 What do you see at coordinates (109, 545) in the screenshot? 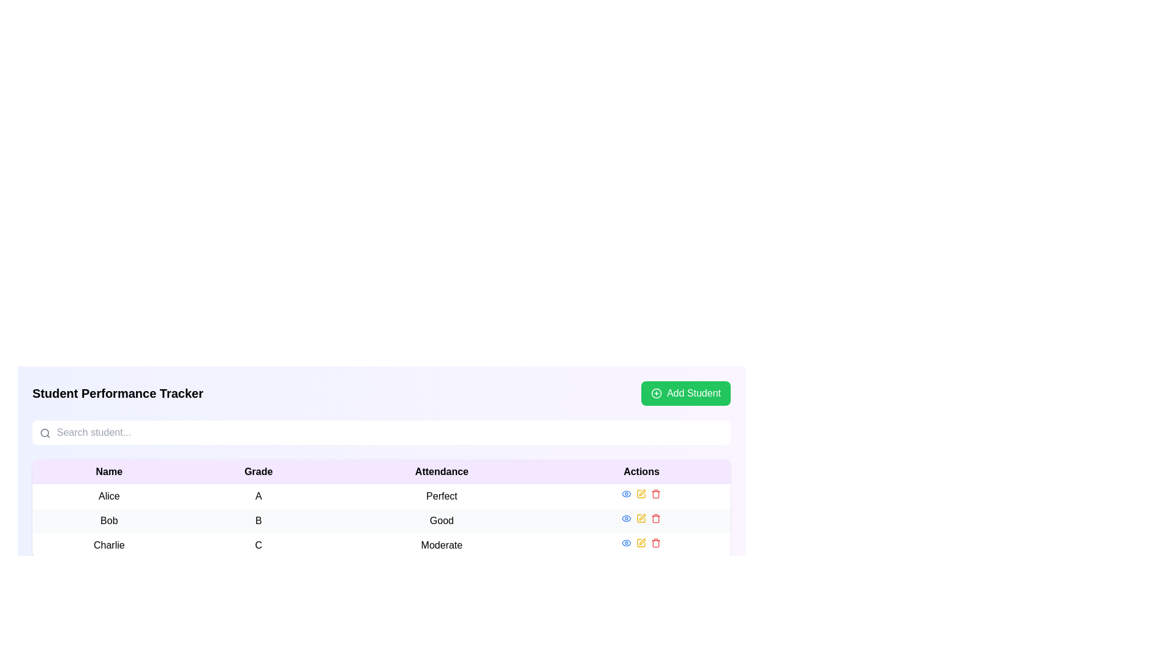
I see `the text label displaying 'Charlie' in bold black font, located in the first column of the last row under the 'Name' header in a table-like layout` at bounding box center [109, 545].